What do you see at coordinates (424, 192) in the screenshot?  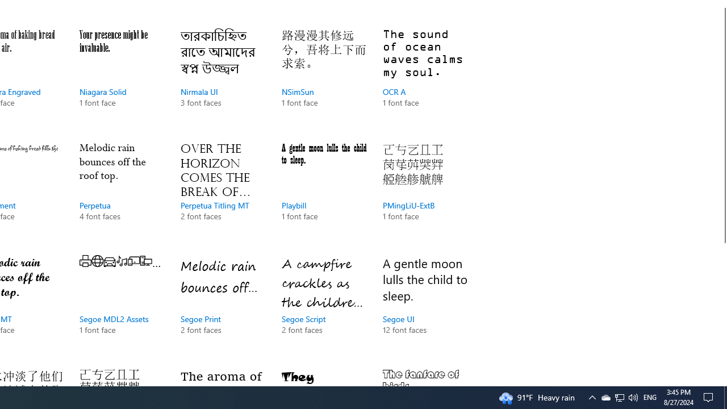 I see `'PMingLiU-ExtB, 1 font face'` at bounding box center [424, 192].